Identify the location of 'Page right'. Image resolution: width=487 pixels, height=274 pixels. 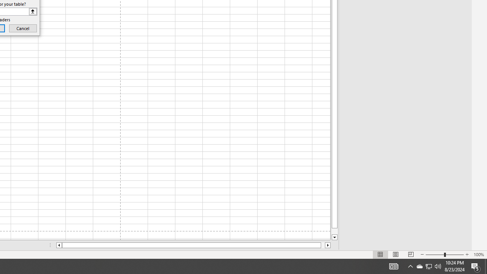
(323, 245).